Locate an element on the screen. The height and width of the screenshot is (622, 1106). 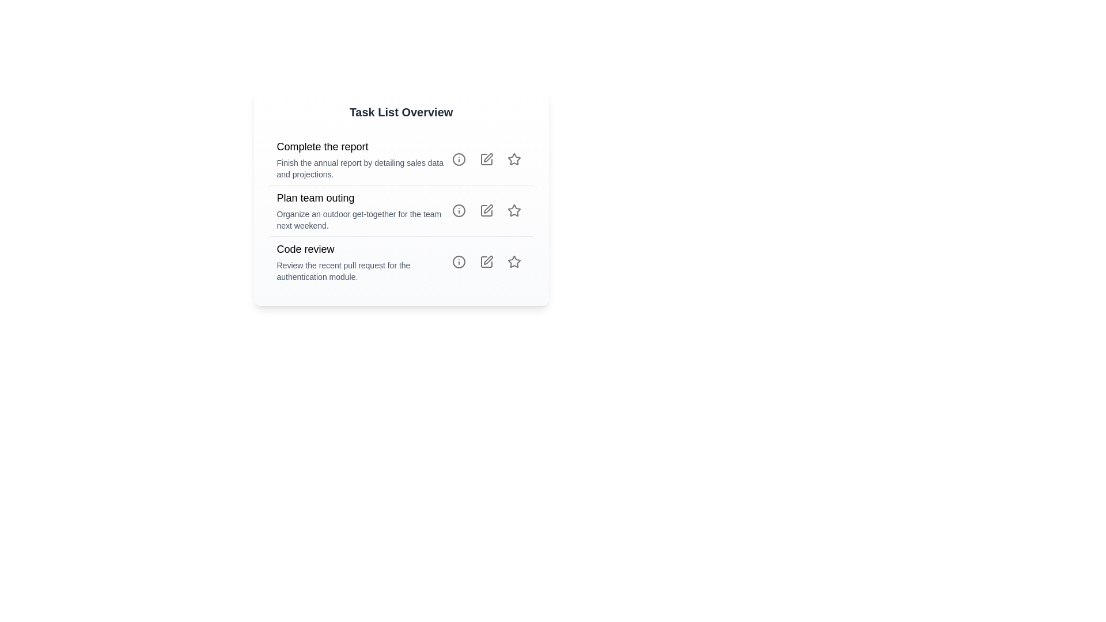
the text description located directly below the header 'Complete the report', which provides detailed instructions related to the task is located at coordinates (361, 169).